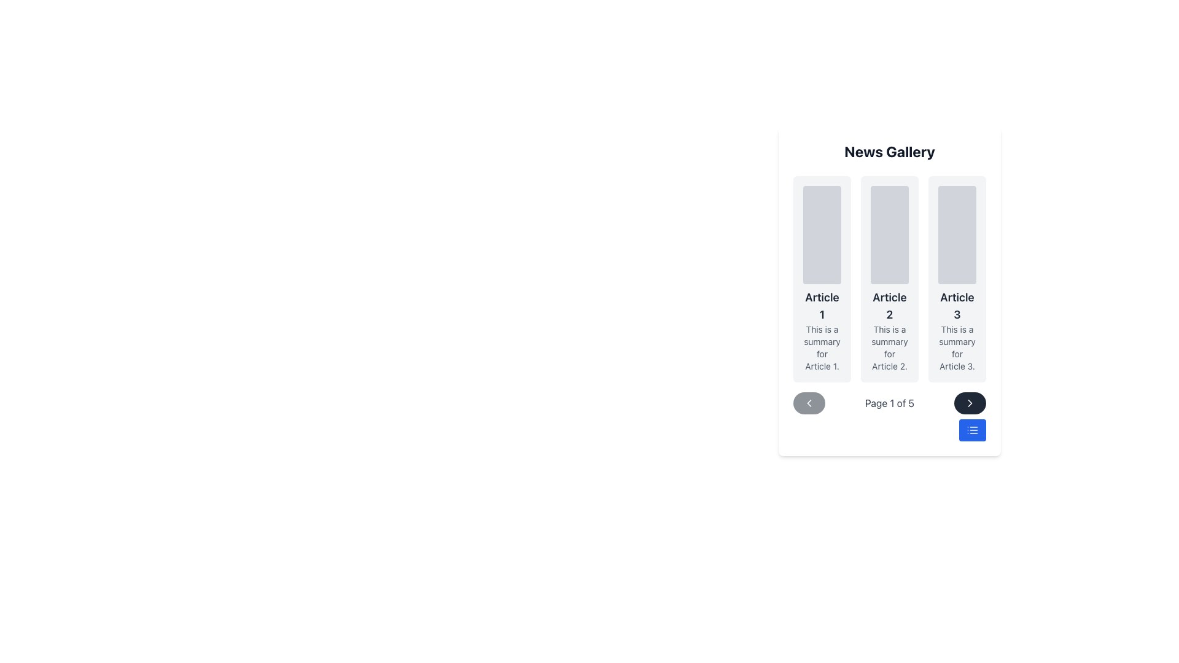  Describe the element at coordinates (822, 305) in the screenshot. I see `the text header labeled 'Article 1', which is styled in a large, bold font and is positioned above a descriptive text within a card group` at that location.